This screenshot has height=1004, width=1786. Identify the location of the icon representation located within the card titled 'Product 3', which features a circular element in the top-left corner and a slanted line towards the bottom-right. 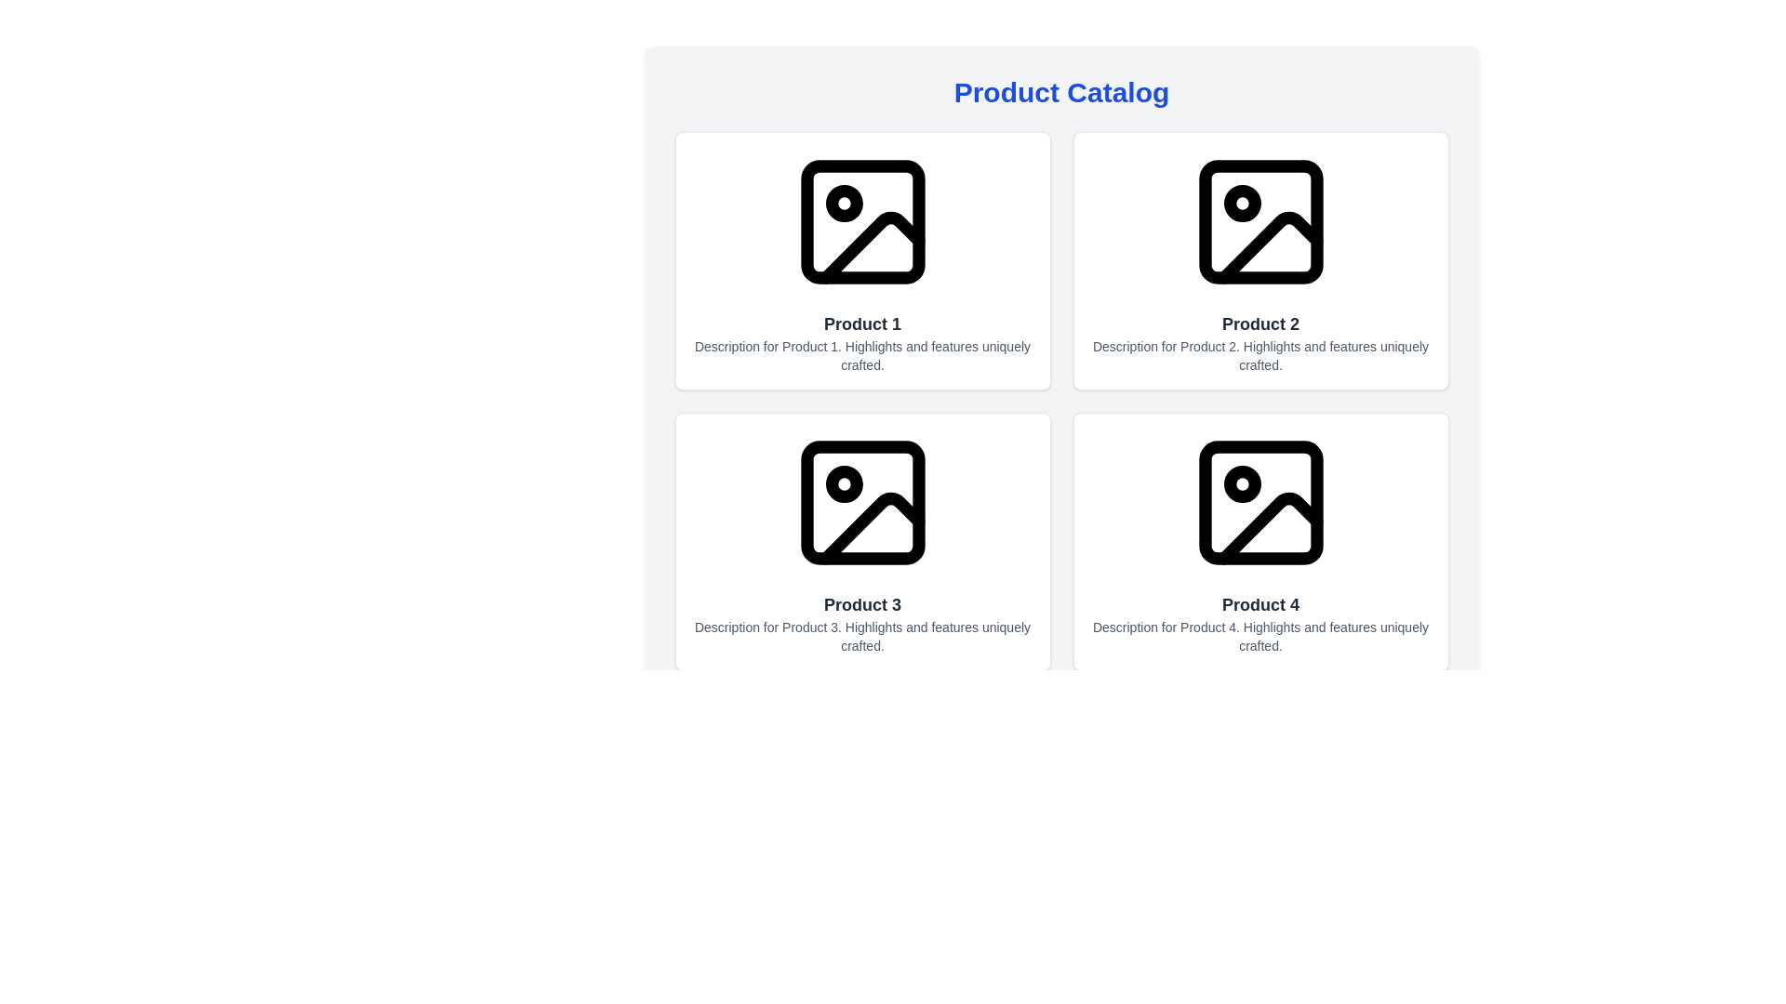
(861, 502).